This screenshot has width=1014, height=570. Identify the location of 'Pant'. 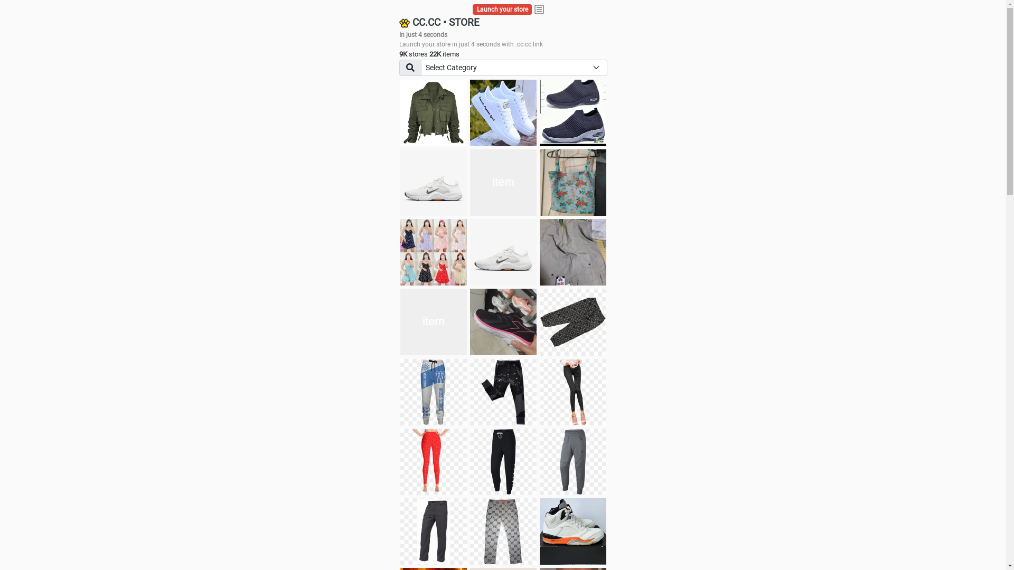
(469, 461).